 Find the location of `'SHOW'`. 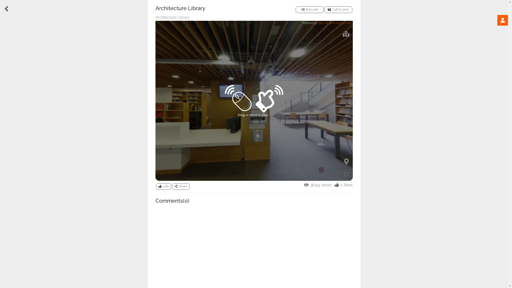

'SHOW' is located at coordinates (13, 253).